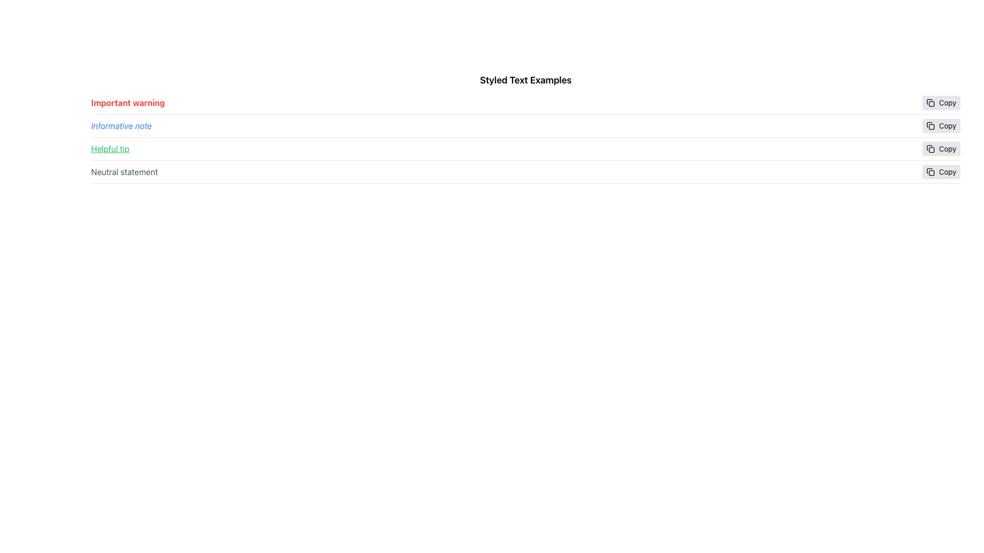 Image resolution: width=984 pixels, height=553 pixels. What do you see at coordinates (931, 125) in the screenshot?
I see `the minimalistic 'Copy' icon located inside the 'Copy' button, which is adjacent to the 'Helpful tip' text` at bounding box center [931, 125].